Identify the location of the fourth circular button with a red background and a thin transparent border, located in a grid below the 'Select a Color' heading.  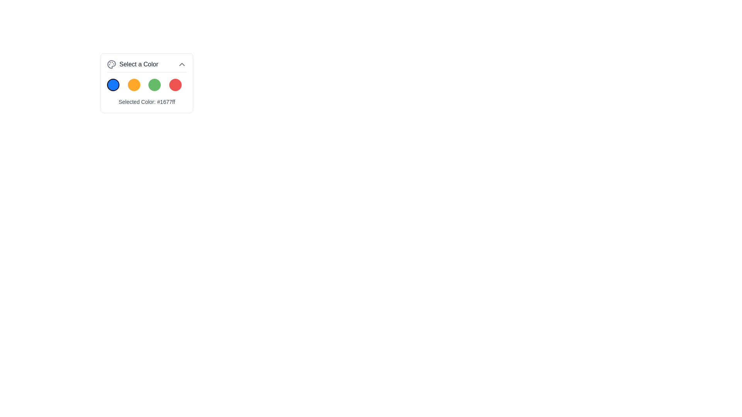
(175, 85).